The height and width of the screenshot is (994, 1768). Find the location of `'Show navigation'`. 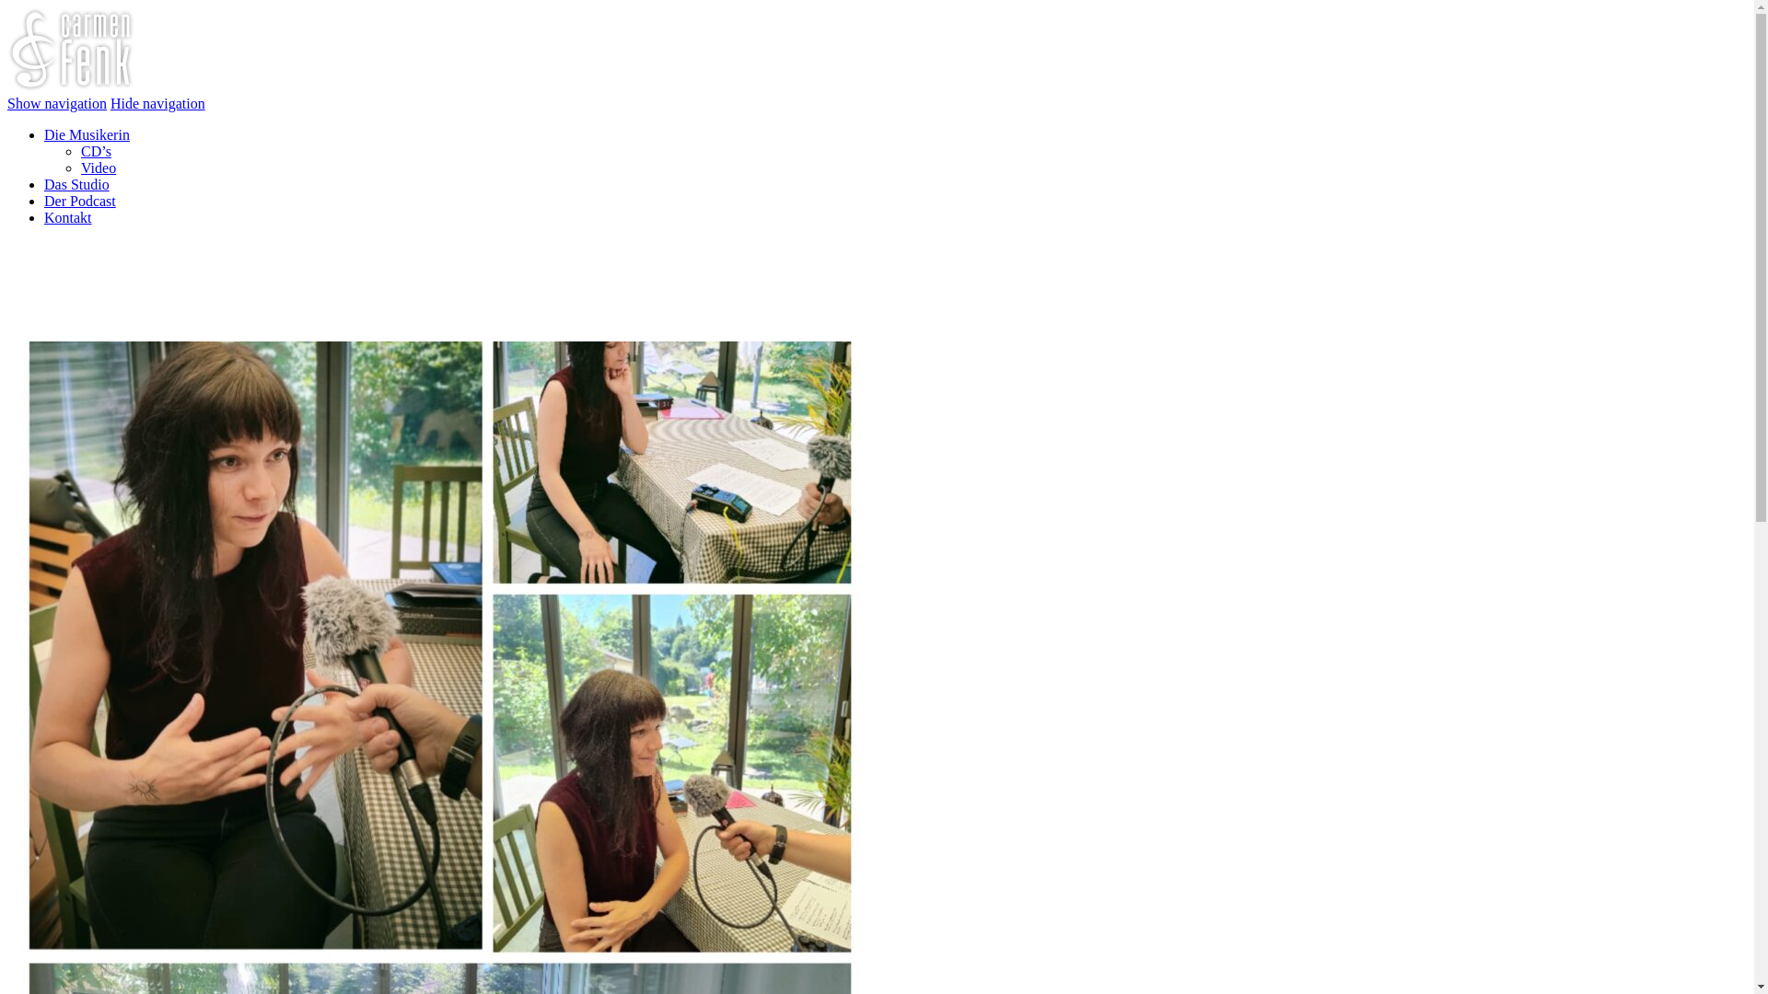

'Show navigation' is located at coordinates (57, 103).